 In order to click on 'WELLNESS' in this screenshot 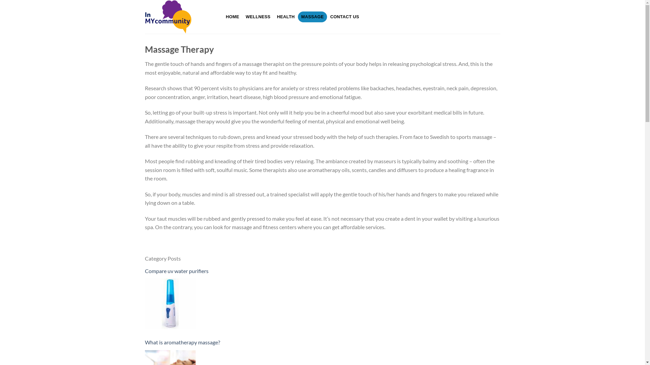, I will do `click(258, 17)`.